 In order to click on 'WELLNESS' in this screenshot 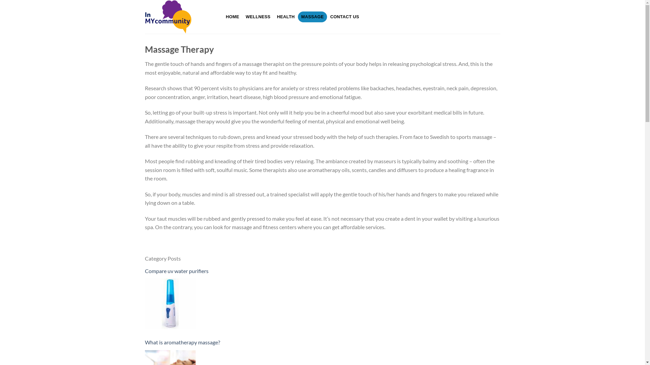, I will do `click(258, 17)`.